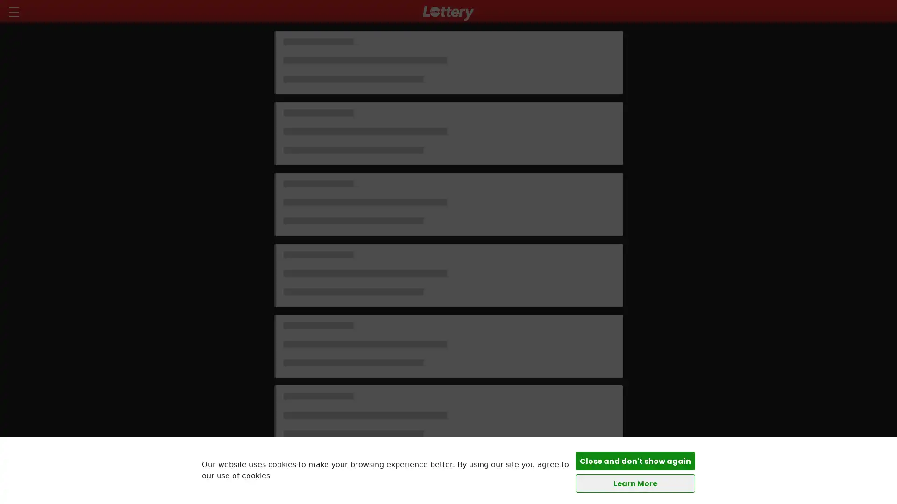  What do you see at coordinates (592, 147) in the screenshot?
I see `$2.00` at bounding box center [592, 147].